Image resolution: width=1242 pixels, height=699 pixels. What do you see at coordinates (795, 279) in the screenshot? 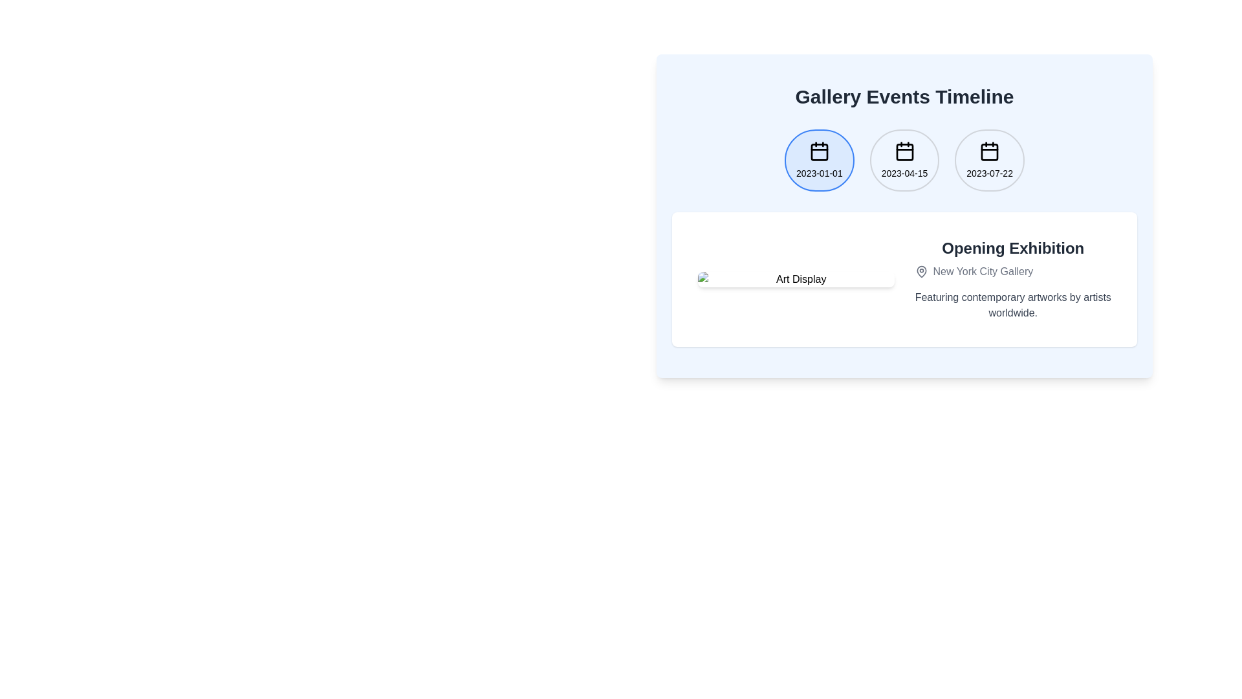
I see `the image placeholder for 'Art Display' located within the 'Opening Exhibition' card, aligned with the title 'Opening Exhibition'` at bounding box center [795, 279].